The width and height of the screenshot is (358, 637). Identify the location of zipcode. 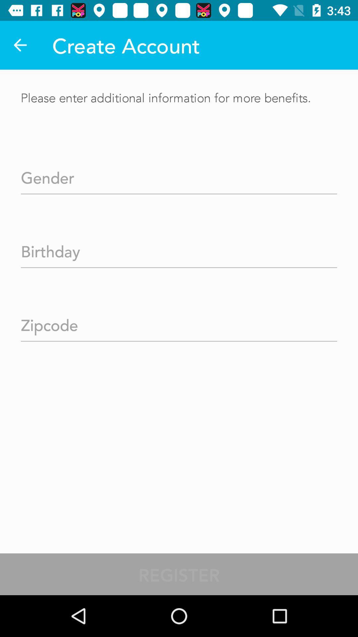
(179, 323).